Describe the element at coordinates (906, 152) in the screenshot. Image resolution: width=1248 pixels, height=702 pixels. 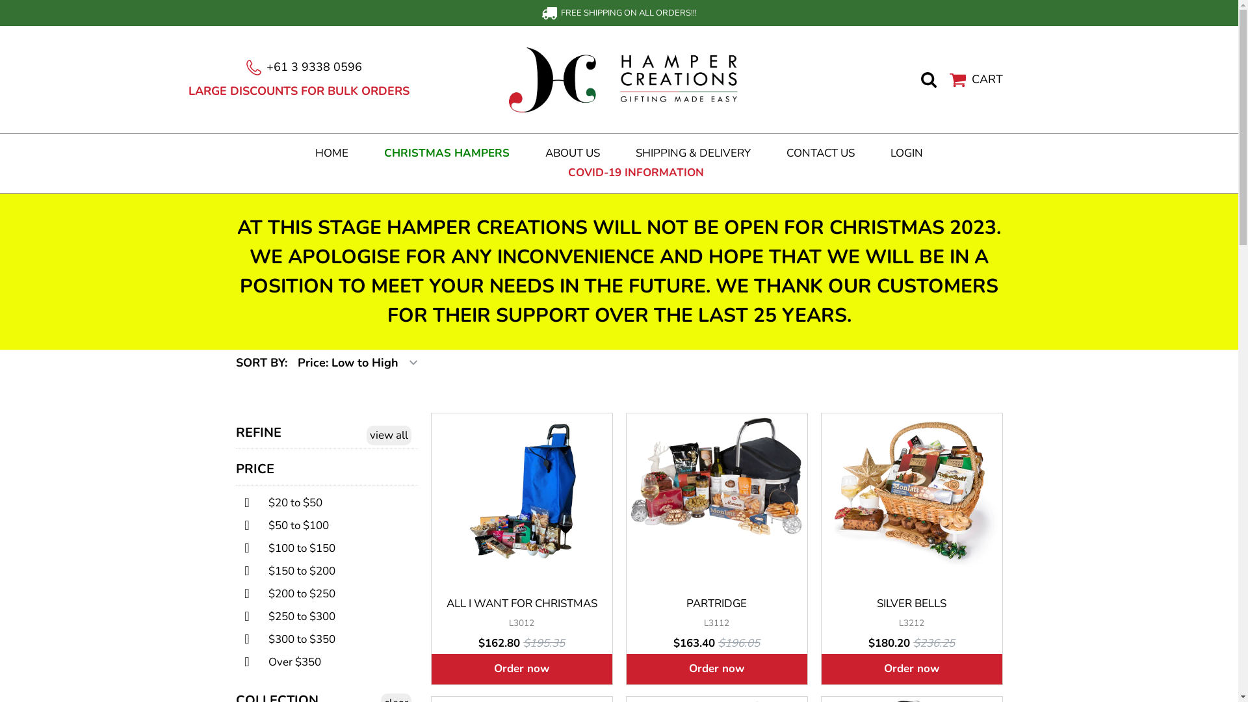
I see `'LOGIN'` at that location.